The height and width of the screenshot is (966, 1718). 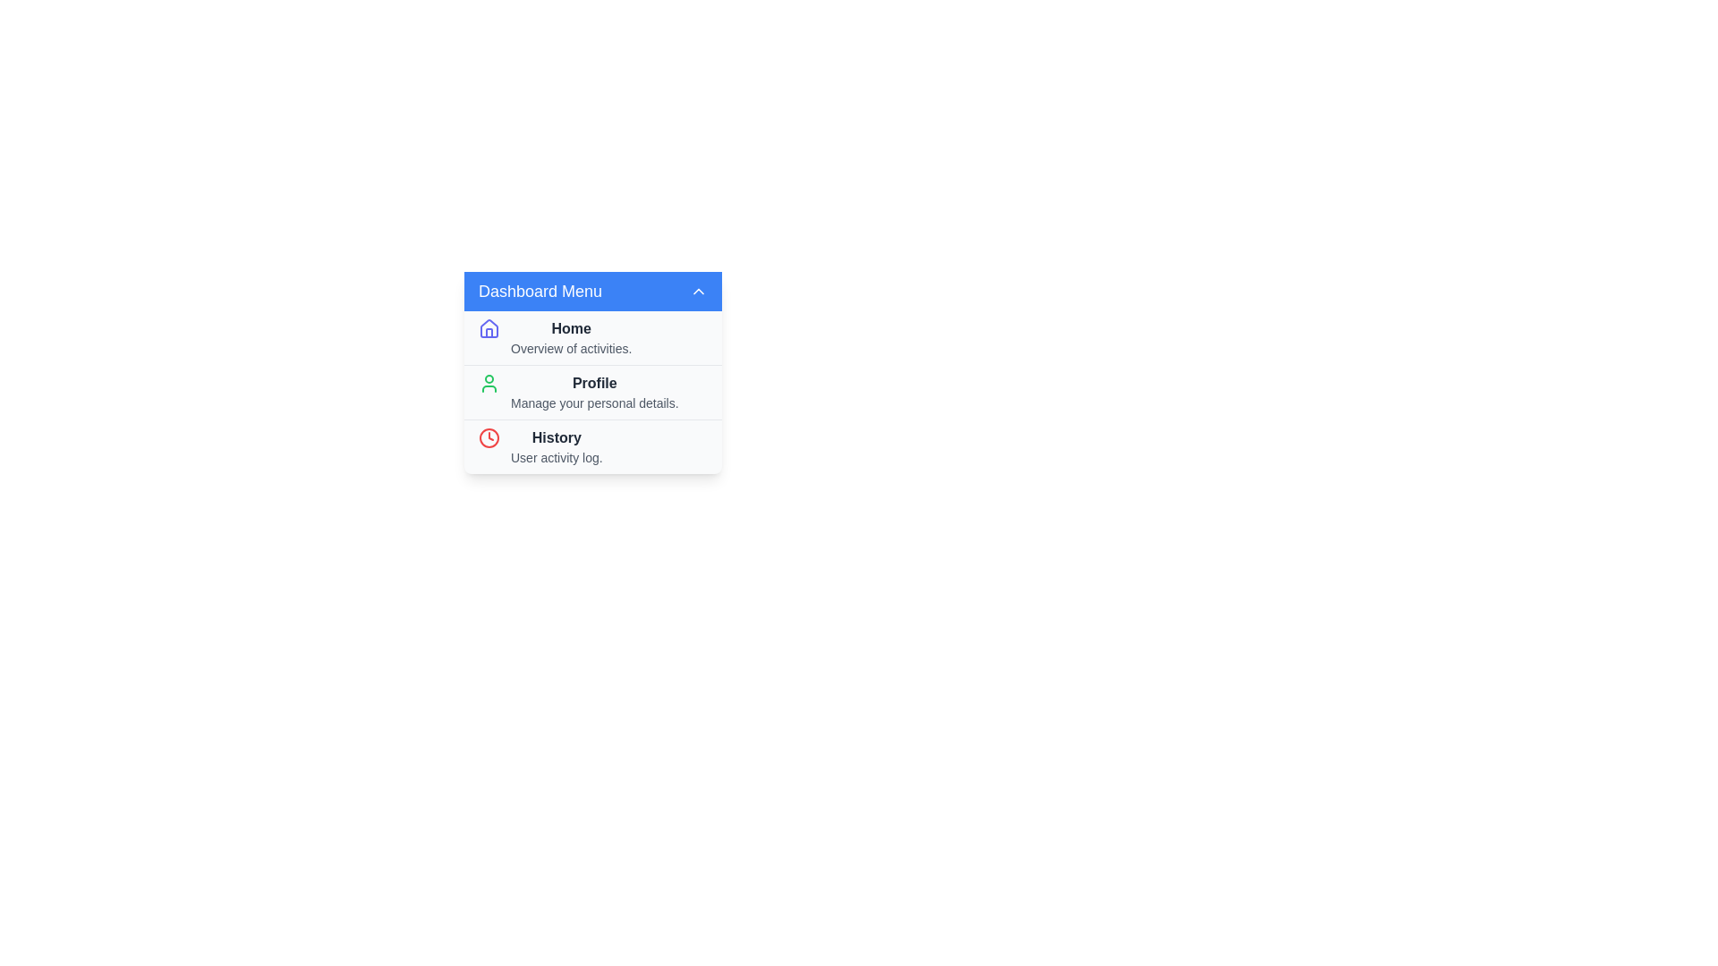 What do you see at coordinates (556, 457) in the screenshot?
I see `the static text element that reads 'User activity log.' positioned beneath the 'History' heading in the vertical menu structure` at bounding box center [556, 457].